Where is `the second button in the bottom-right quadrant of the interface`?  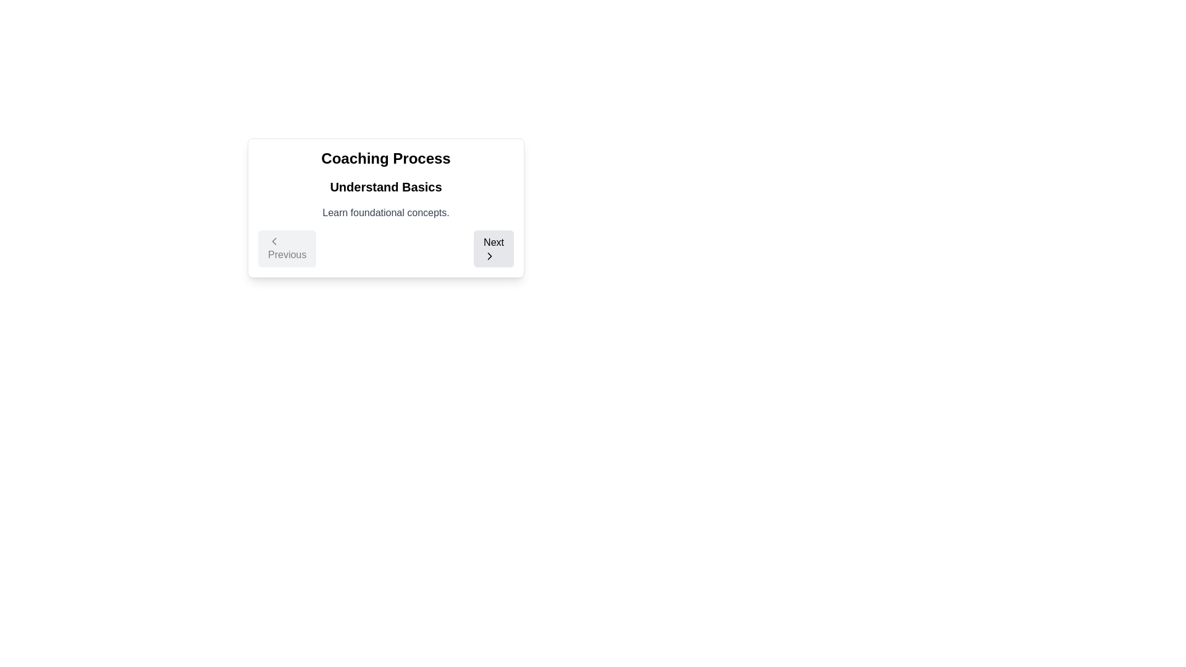 the second button in the bottom-right quadrant of the interface is located at coordinates (493, 248).